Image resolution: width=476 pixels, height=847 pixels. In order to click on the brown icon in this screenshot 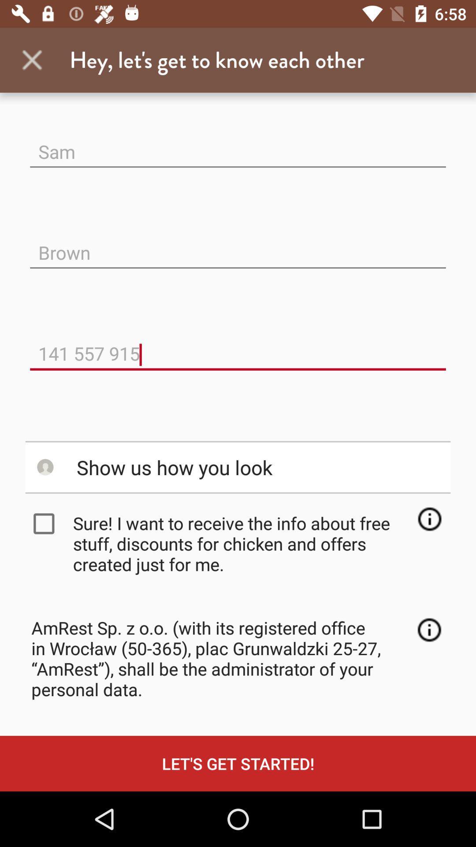, I will do `click(238, 245)`.